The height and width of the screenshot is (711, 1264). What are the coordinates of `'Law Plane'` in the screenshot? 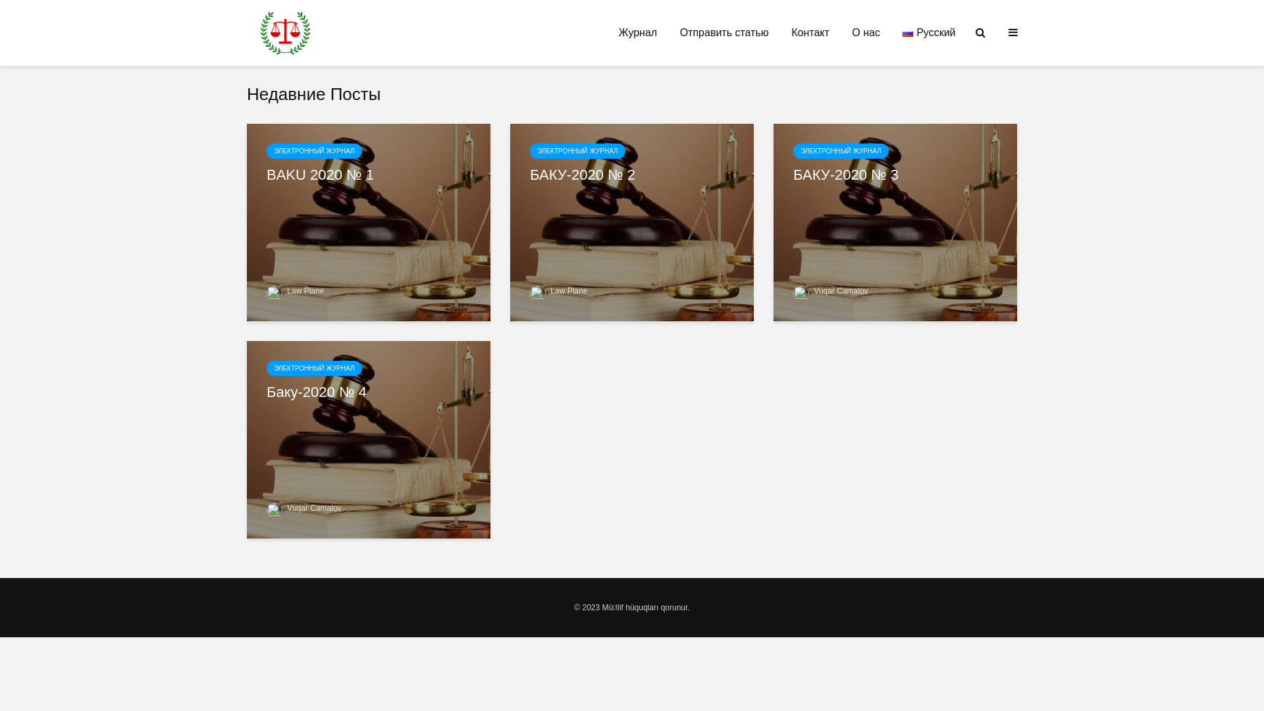 It's located at (294, 290).